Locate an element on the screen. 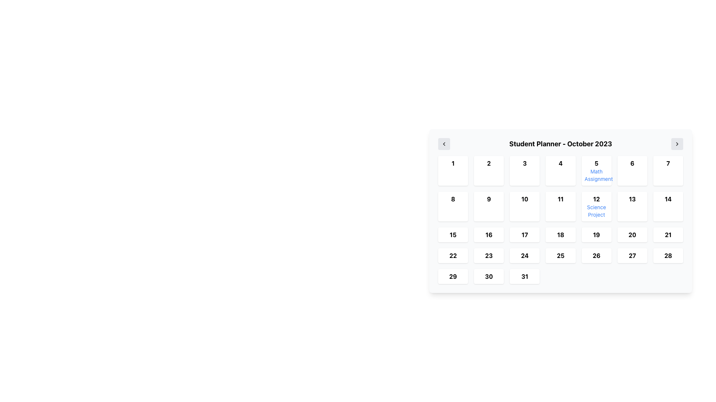 This screenshot has height=402, width=716. the static text element displaying the numeric '25' in the interactive calendar grid is located at coordinates (560, 255).